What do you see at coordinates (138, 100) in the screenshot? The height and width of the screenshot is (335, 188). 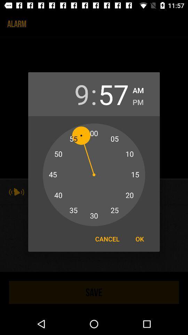 I see `icon to the right of 57 item` at bounding box center [138, 100].